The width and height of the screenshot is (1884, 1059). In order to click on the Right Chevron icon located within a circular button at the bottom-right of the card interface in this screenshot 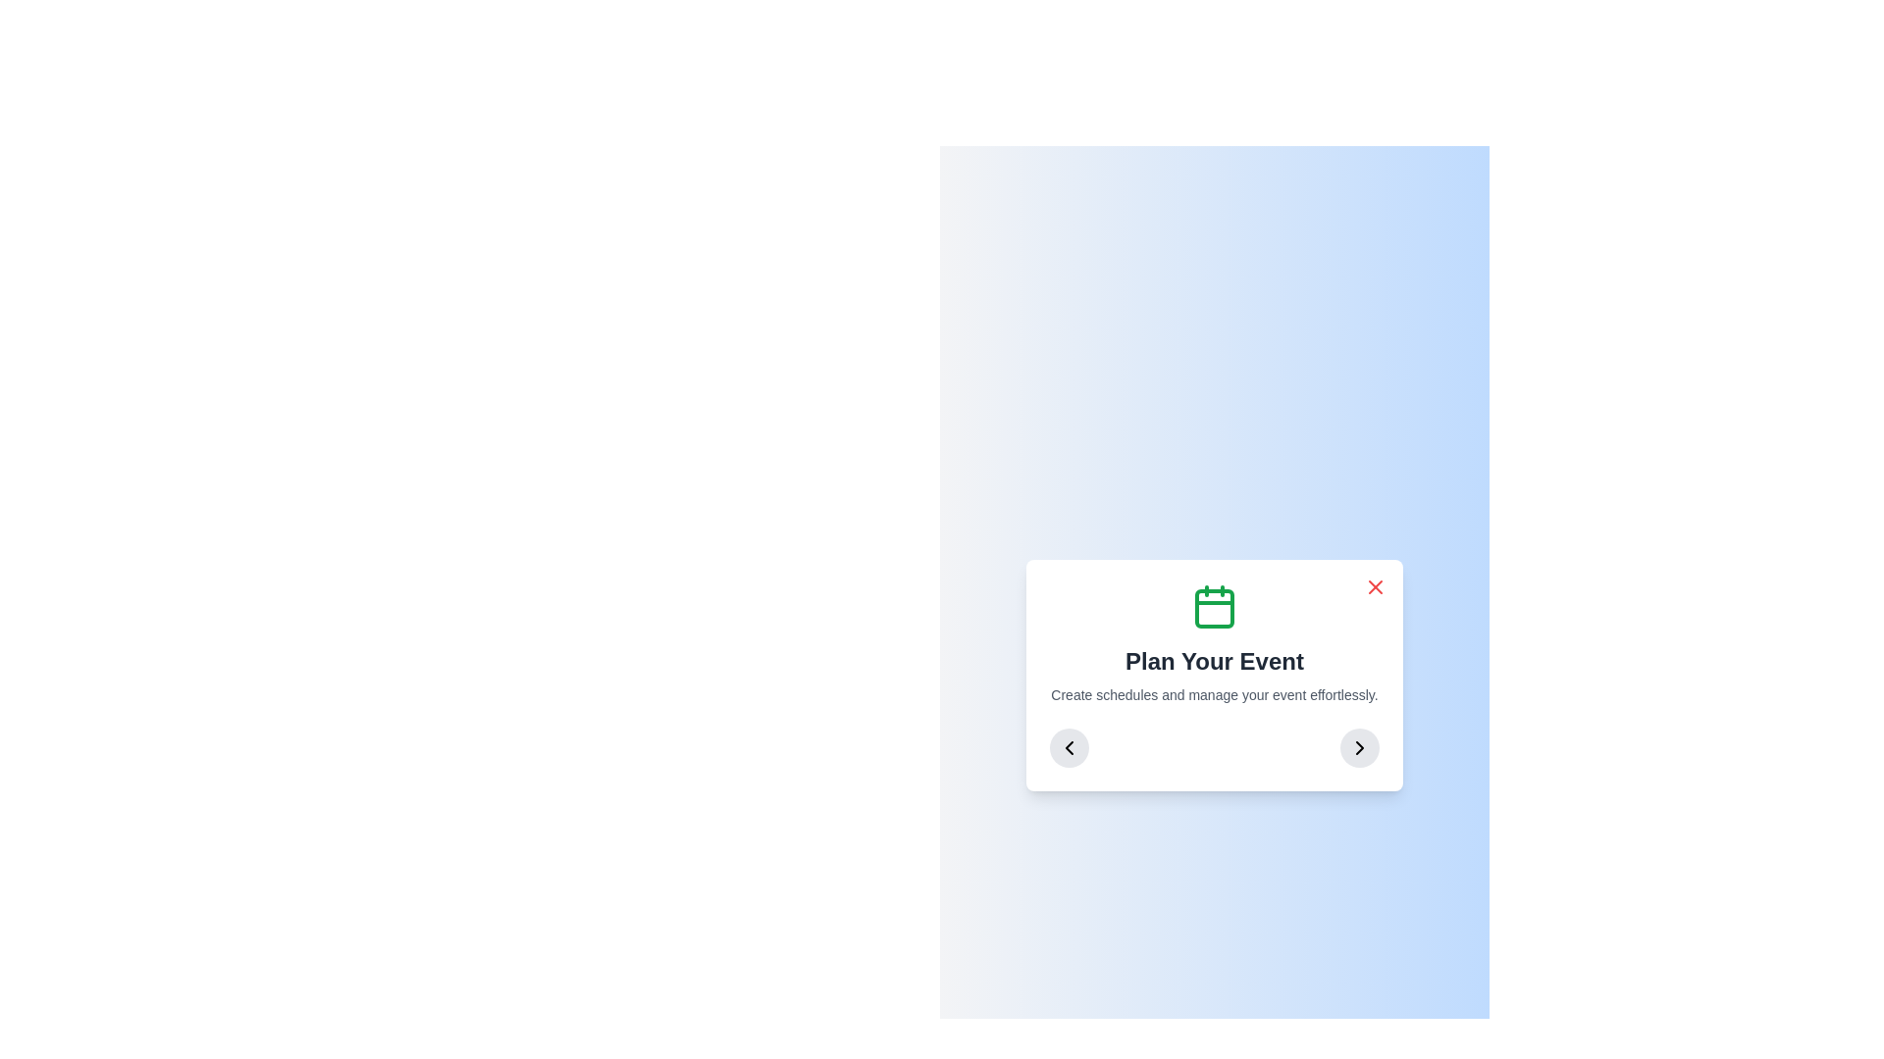, I will do `click(1359, 748)`.